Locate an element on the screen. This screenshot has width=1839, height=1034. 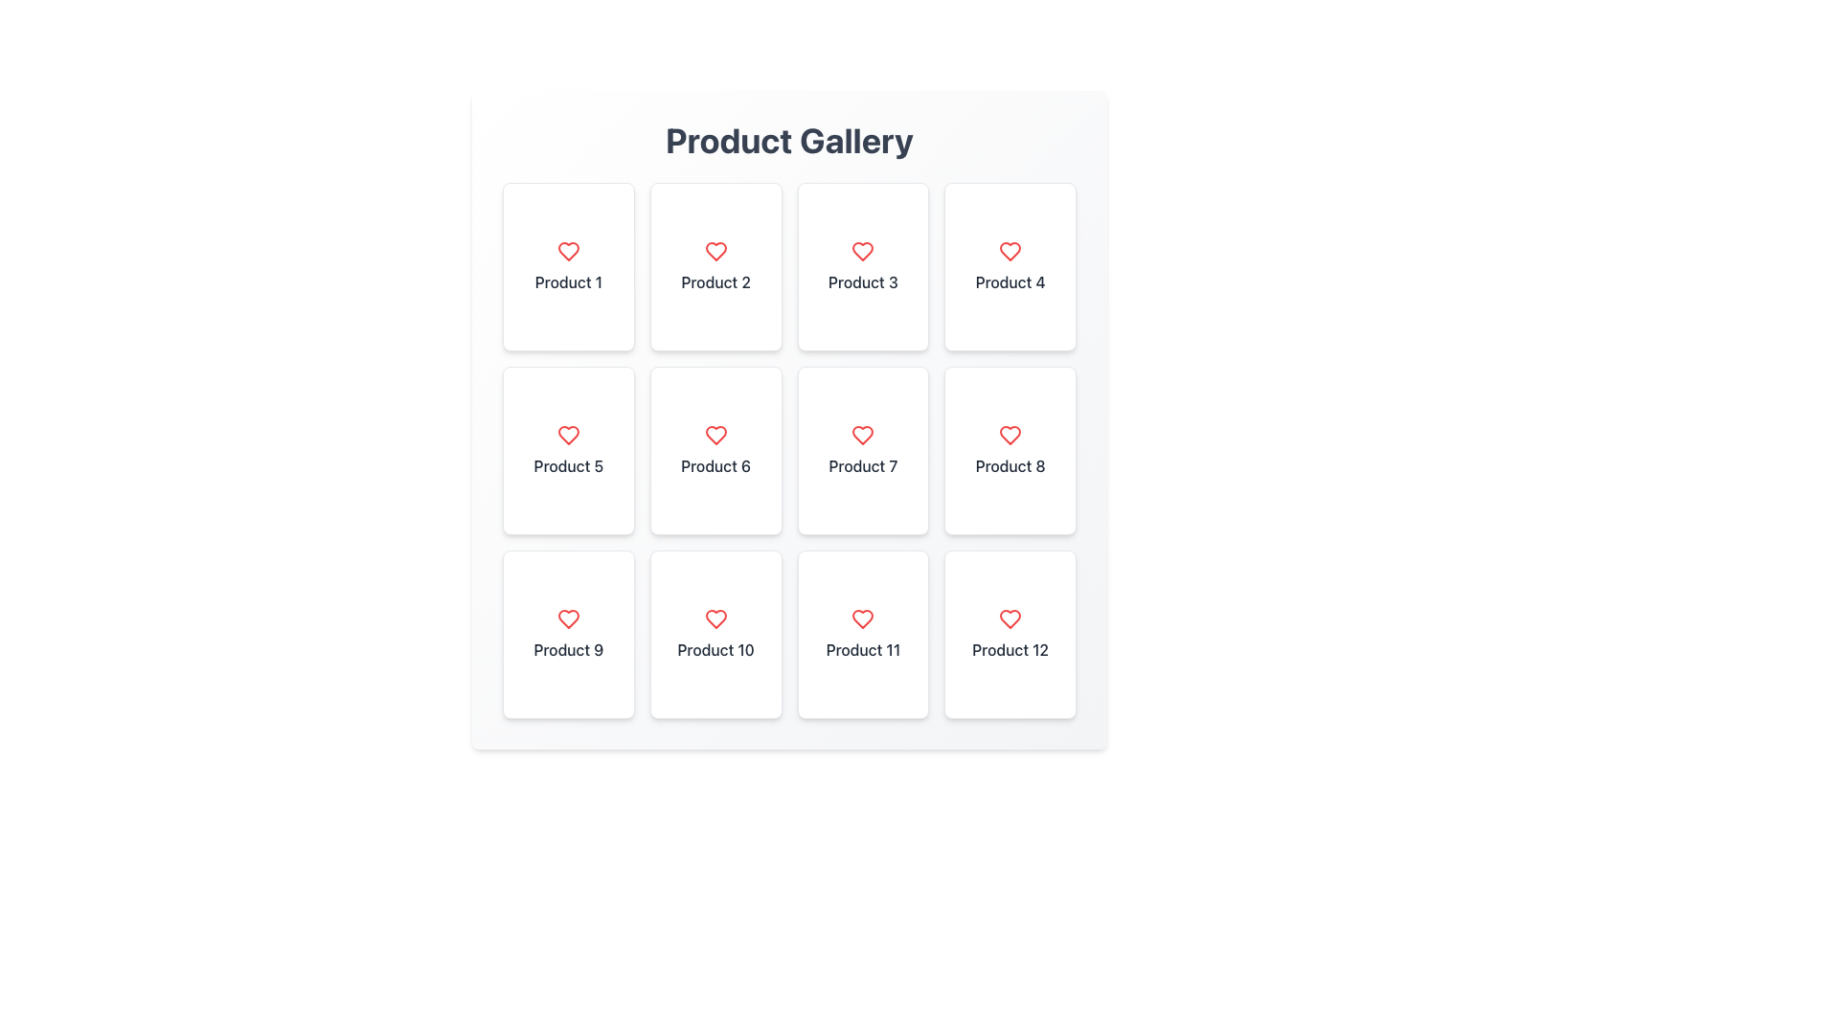
the Heart Icon in the 'Product 3' section of the 'Product Gallery' interface is located at coordinates (862, 250).